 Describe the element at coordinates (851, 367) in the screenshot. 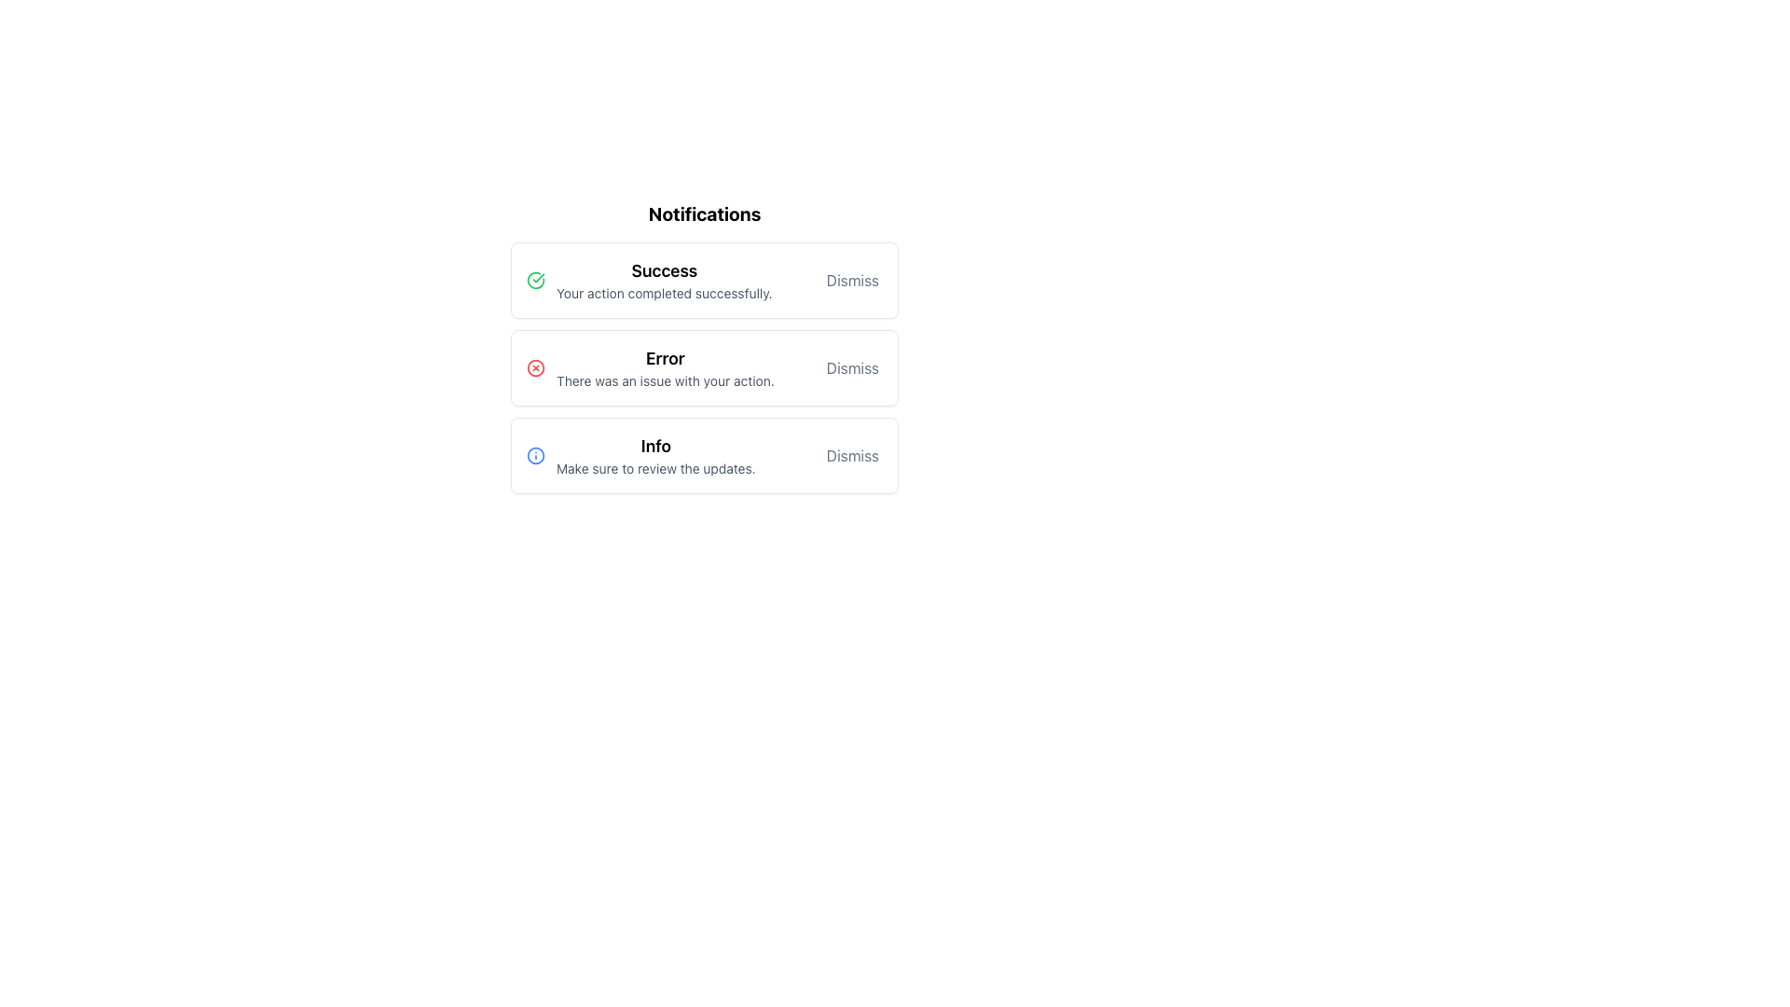

I see `the dismiss button located in the top-right corner of the second 'Error' notification` at that location.